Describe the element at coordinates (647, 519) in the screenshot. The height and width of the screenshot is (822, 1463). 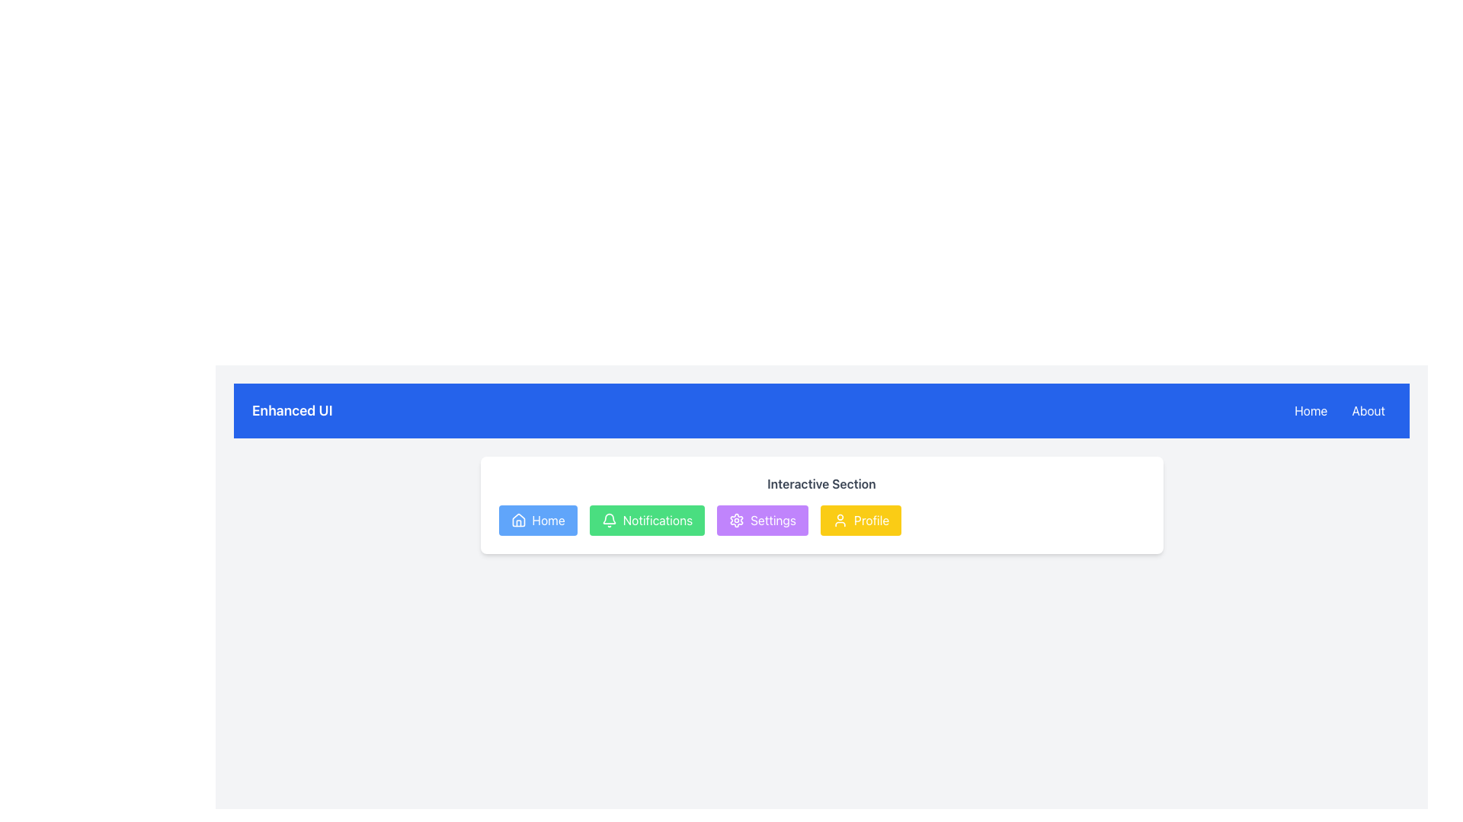
I see `the notifications button, which is the second button in a horizontal group located between the 'Home' and 'Settings' buttons` at that location.